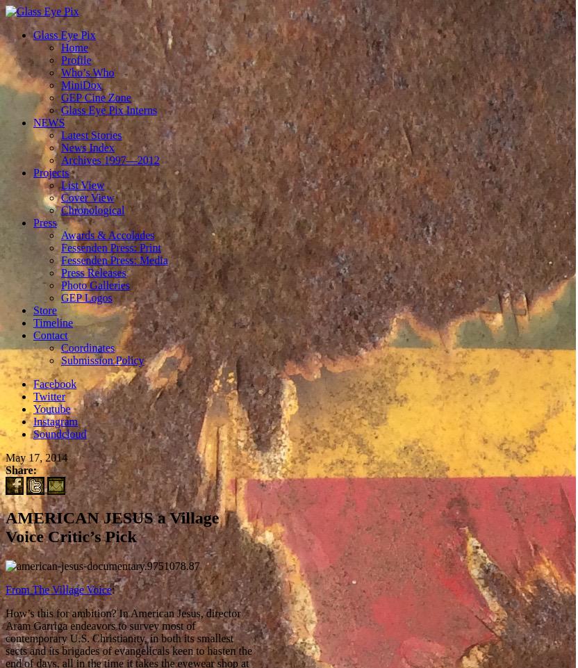 The width and height of the screenshot is (578, 668). I want to click on 'Store', so click(44, 309).